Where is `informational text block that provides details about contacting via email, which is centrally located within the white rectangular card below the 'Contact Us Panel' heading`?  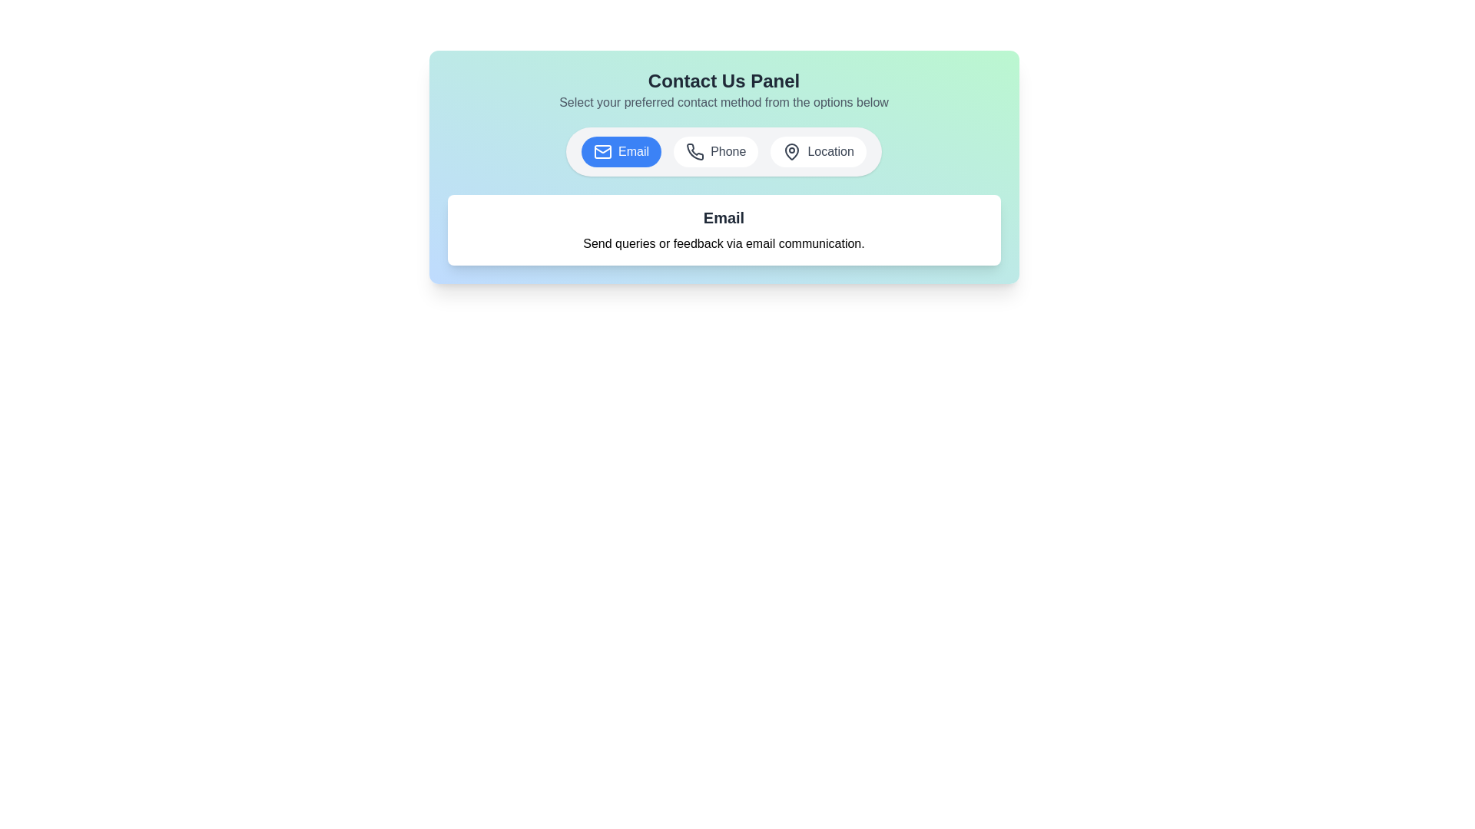 informational text block that provides details about contacting via email, which is centrally located within the white rectangular card below the 'Contact Us Panel' heading is located at coordinates (723, 230).